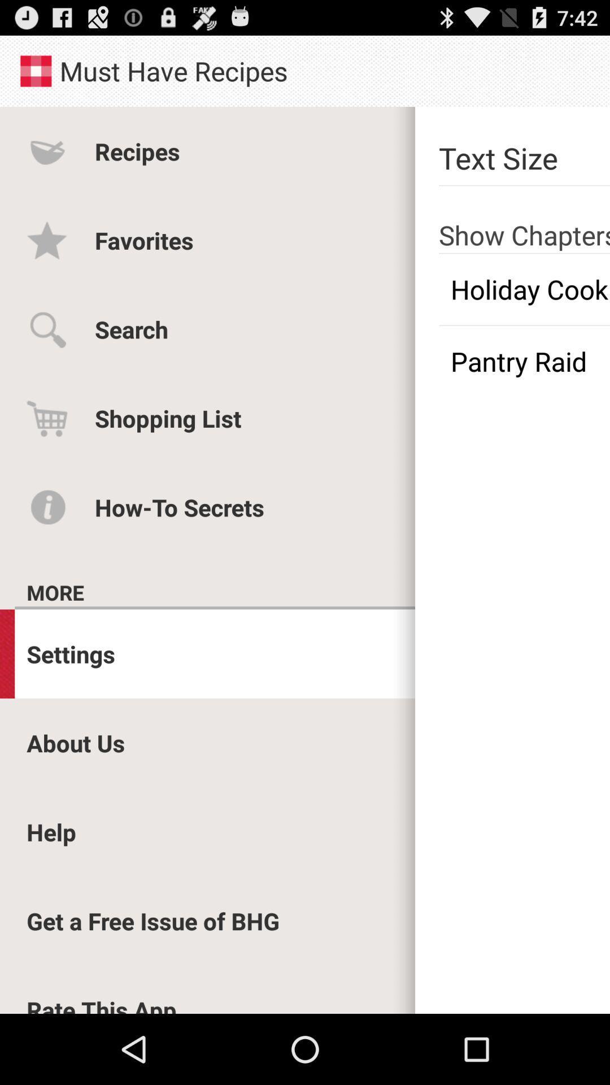 The height and width of the screenshot is (1085, 610). Describe the element at coordinates (524, 361) in the screenshot. I see `the pantry raid checkbox` at that location.